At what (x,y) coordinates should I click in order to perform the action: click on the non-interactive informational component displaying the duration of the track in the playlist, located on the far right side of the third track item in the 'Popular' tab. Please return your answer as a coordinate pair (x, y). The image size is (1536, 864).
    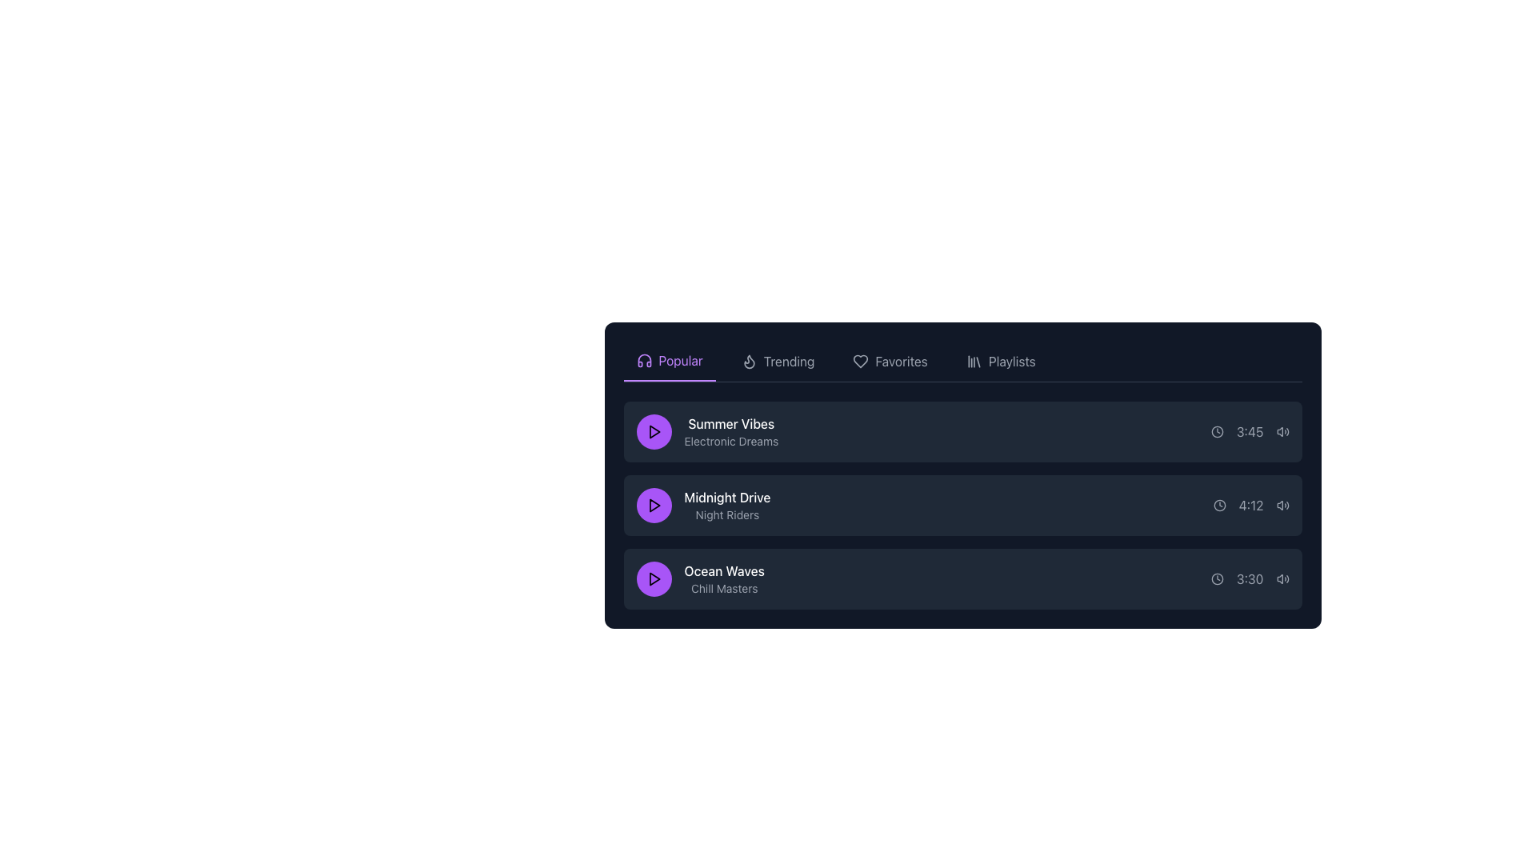
    Looking at the image, I should click on (1249, 579).